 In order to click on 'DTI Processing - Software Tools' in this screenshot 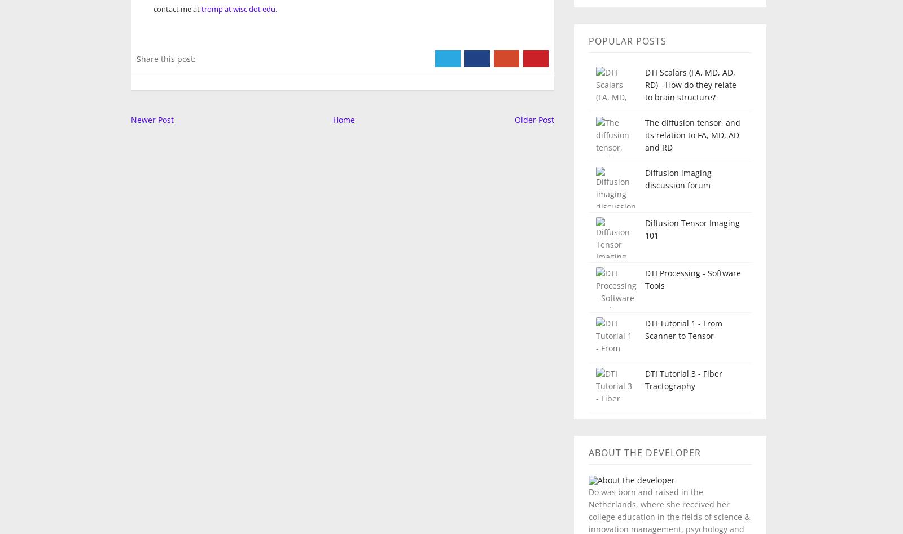, I will do `click(644, 279)`.